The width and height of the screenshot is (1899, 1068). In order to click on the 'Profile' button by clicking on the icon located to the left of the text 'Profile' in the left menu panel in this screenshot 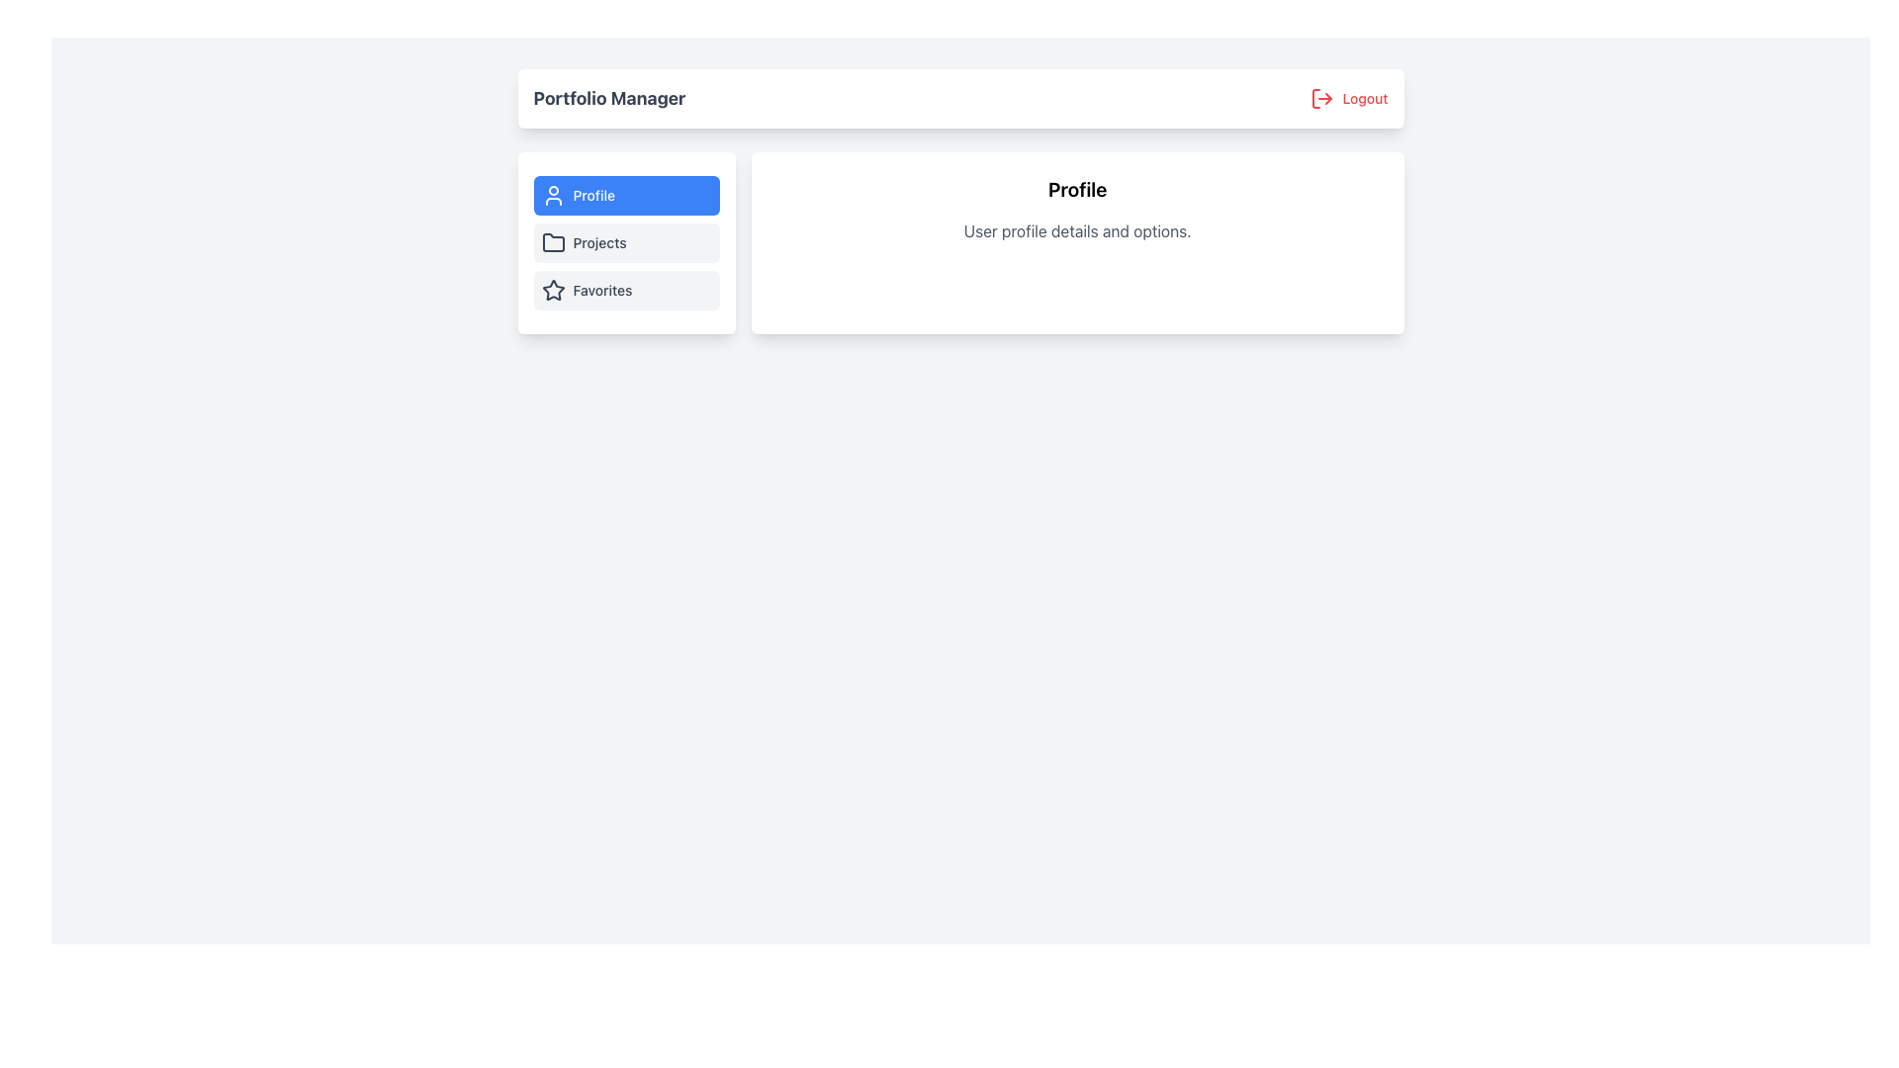, I will do `click(553, 195)`.